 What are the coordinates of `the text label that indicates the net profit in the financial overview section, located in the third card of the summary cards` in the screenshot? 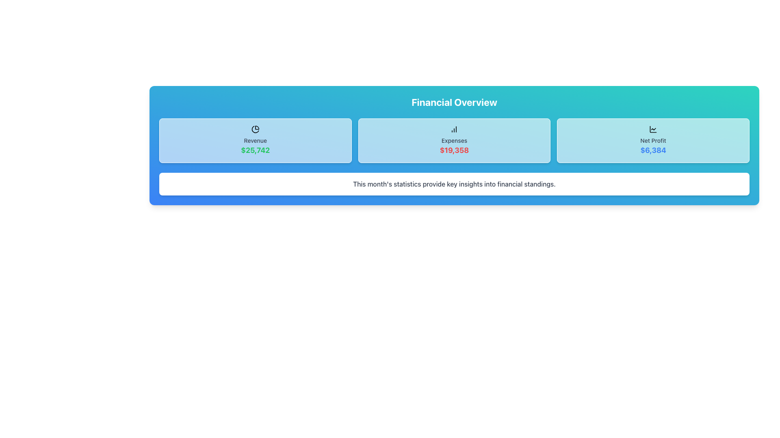 It's located at (653, 140).